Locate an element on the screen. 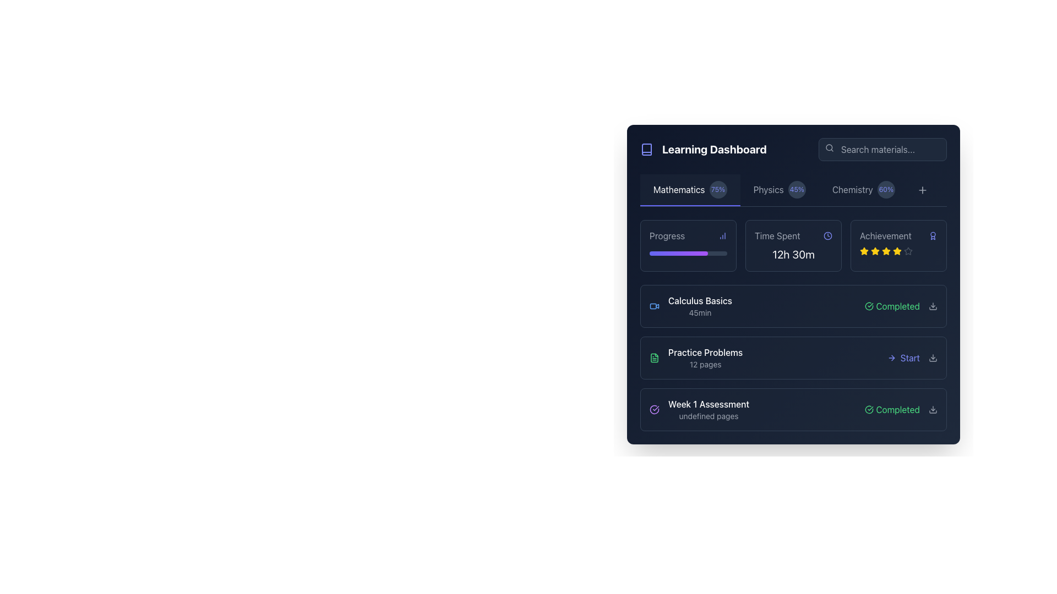  'Learning Dashboard' label text, which is a prominent header styled with bold white text on a dark blue background, located at the upper-left area of the application, immediately to the right of a book icon is located at coordinates (714, 150).